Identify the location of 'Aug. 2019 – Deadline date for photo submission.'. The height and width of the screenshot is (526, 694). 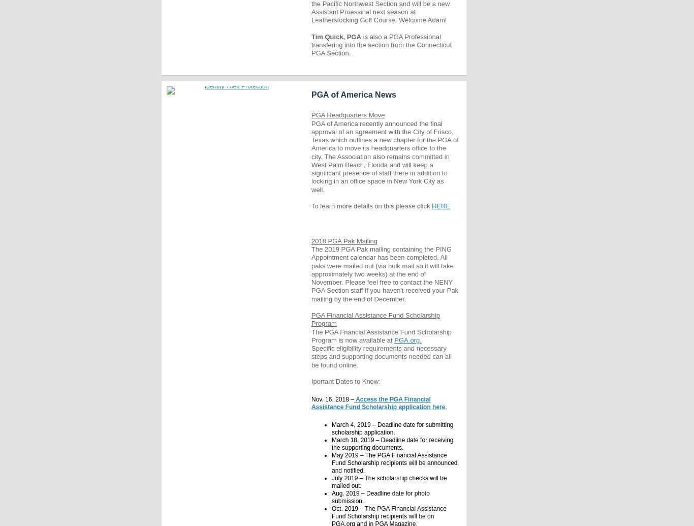
(380, 497).